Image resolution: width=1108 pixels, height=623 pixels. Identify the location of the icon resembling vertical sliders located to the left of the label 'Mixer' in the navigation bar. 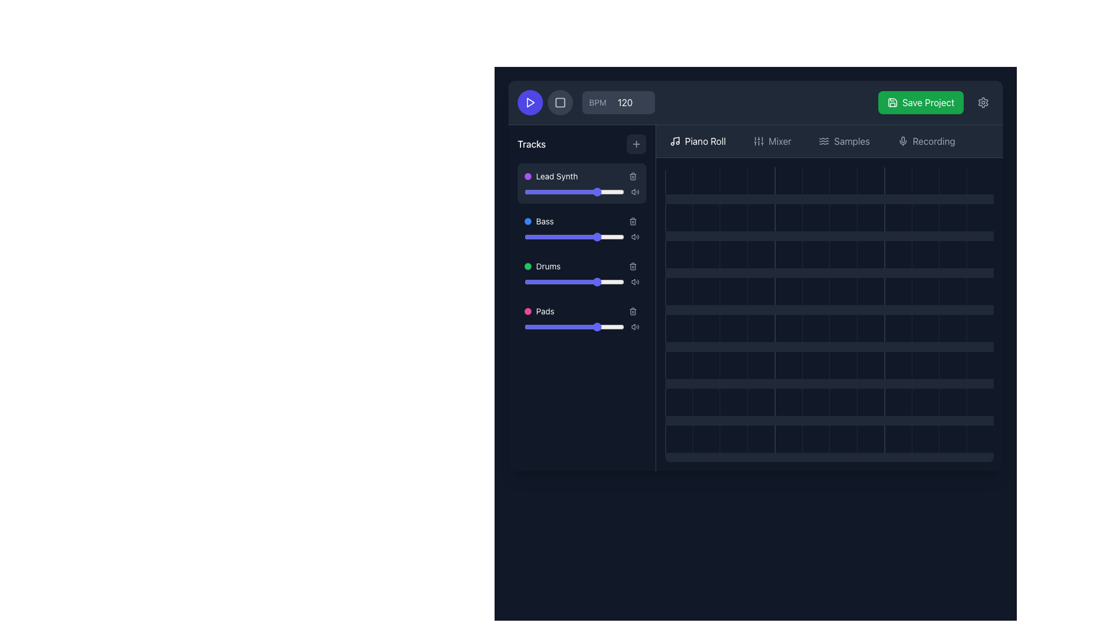
(758, 141).